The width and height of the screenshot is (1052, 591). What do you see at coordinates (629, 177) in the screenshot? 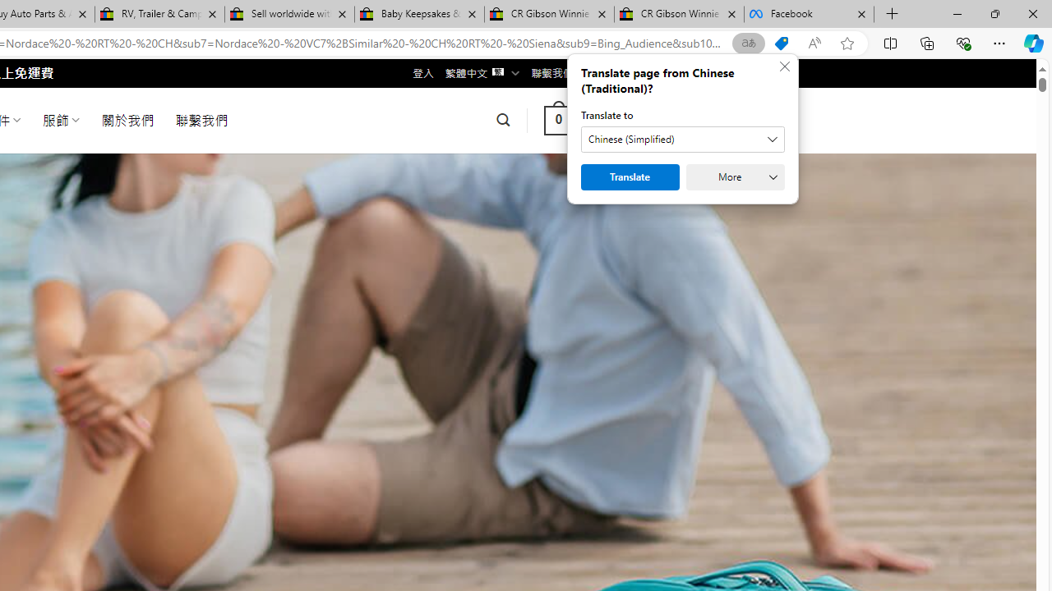
I see `'Translate'` at bounding box center [629, 177].